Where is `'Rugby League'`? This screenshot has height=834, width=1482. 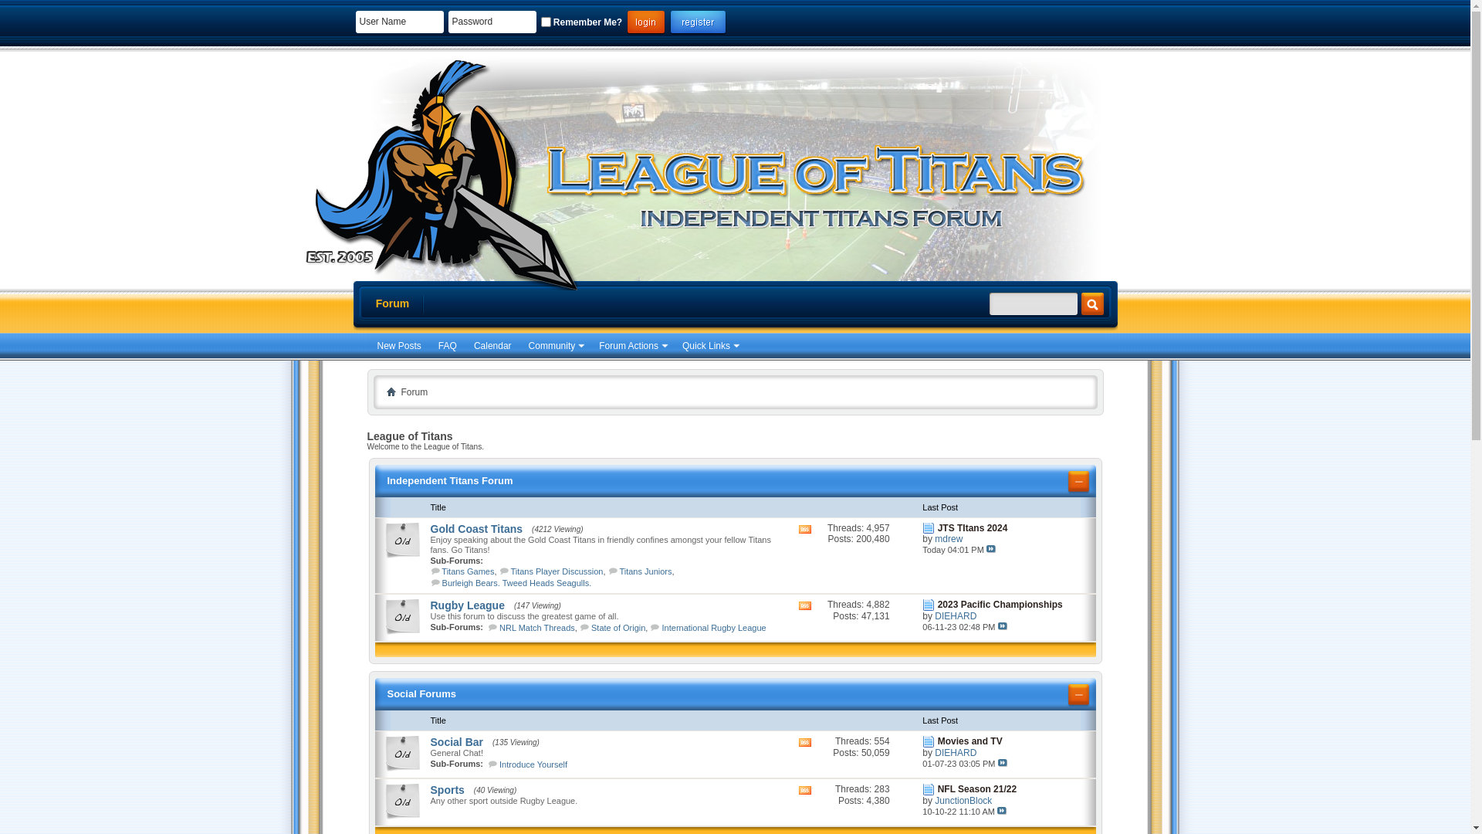
'Rugby League' is located at coordinates (466, 604).